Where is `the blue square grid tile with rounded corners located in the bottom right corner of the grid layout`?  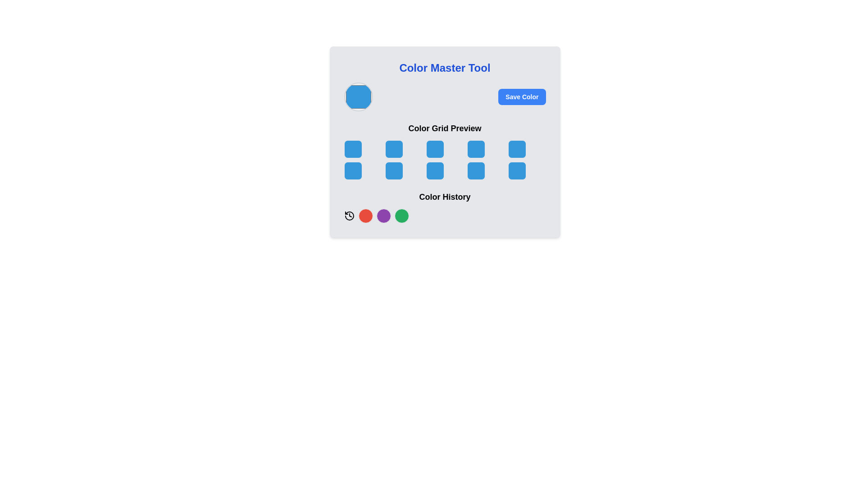
the blue square grid tile with rounded corners located in the bottom right corner of the grid layout is located at coordinates (517, 170).